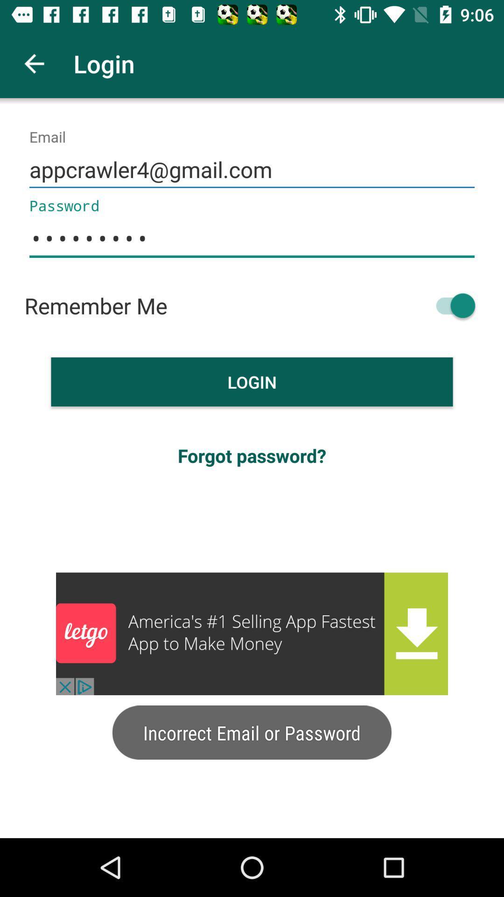 The width and height of the screenshot is (504, 897). Describe the element at coordinates (252, 634) in the screenshot. I see `advertisement link` at that location.